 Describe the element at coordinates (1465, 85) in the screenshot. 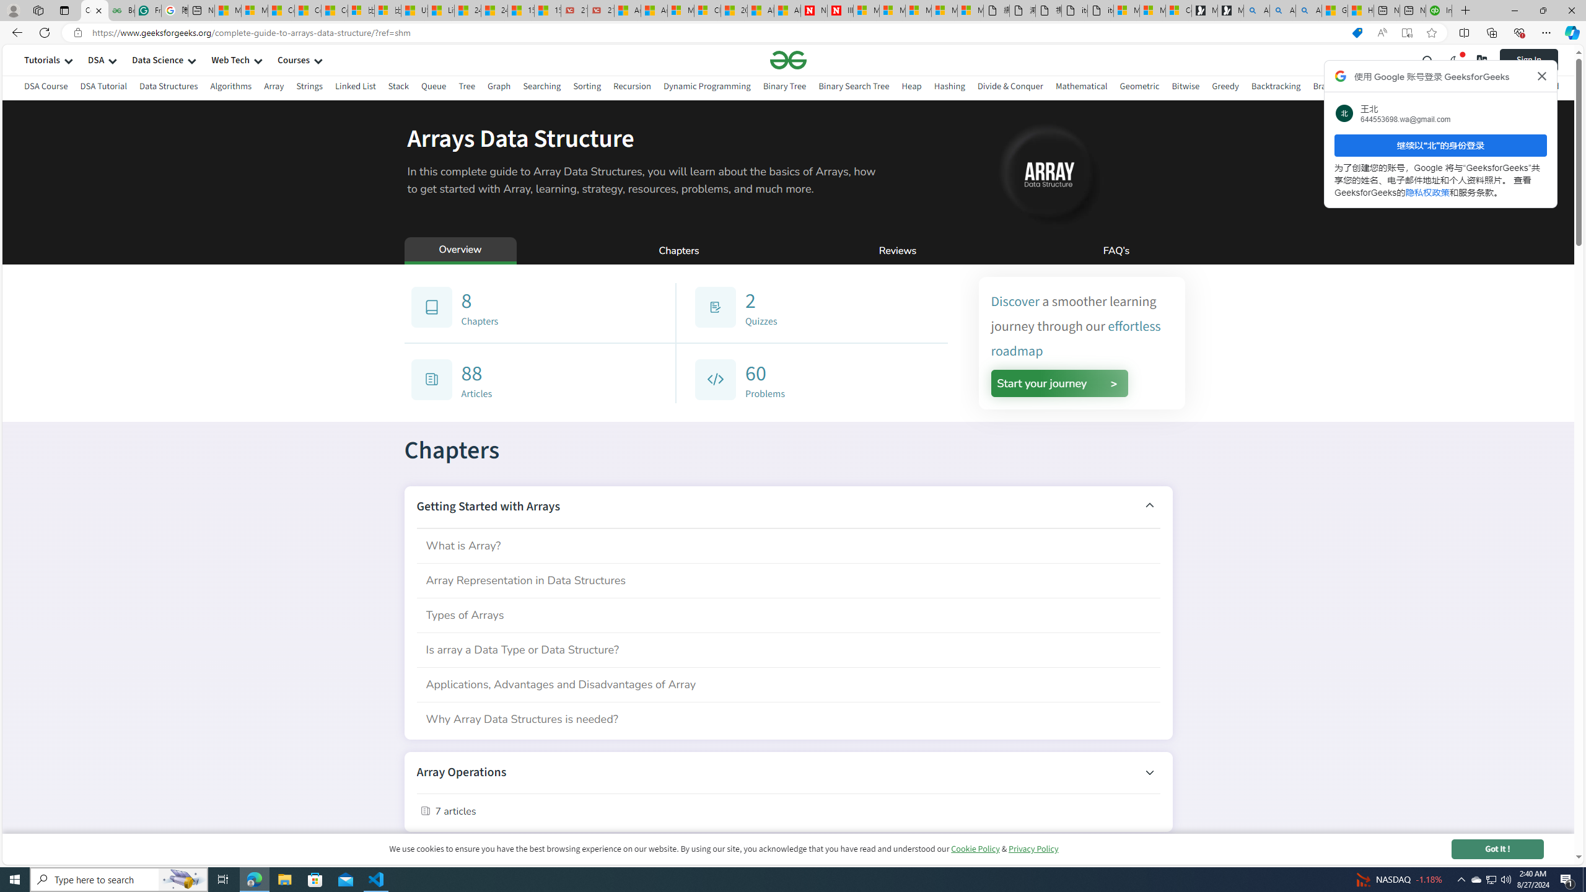

I see `'Pattern Searching'` at that location.